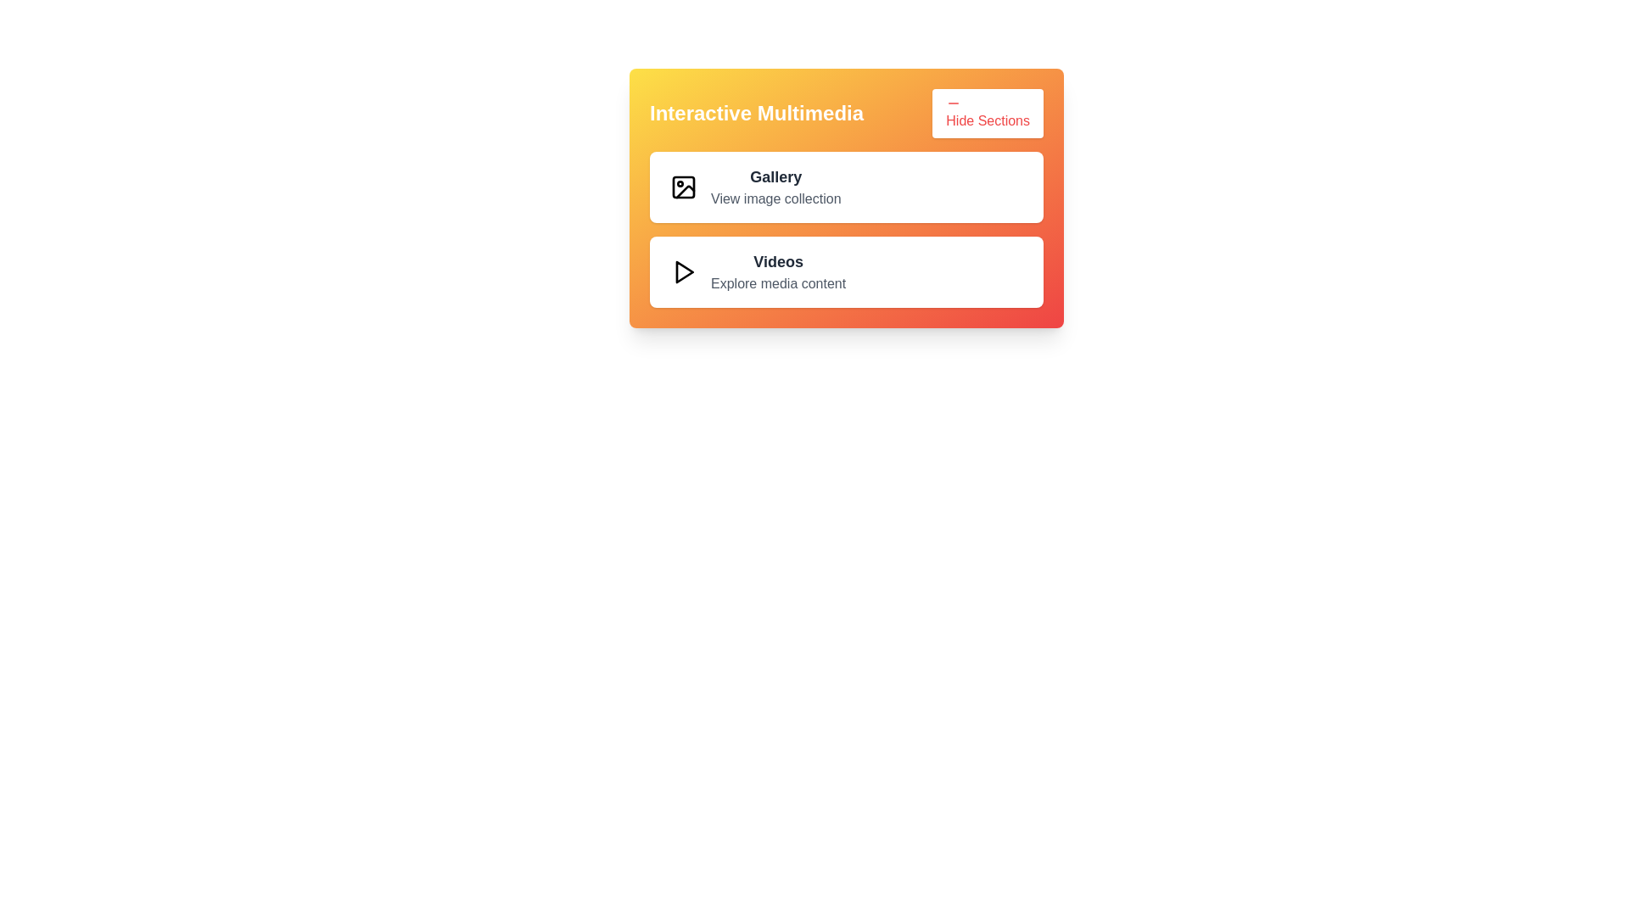 The image size is (1629, 916). Describe the element at coordinates (685, 271) in the screenshot. I see `the play icon within the 'Videos' button, which is the second button in the vertical layout of the 'Interactive Multimedia' card` at that location.